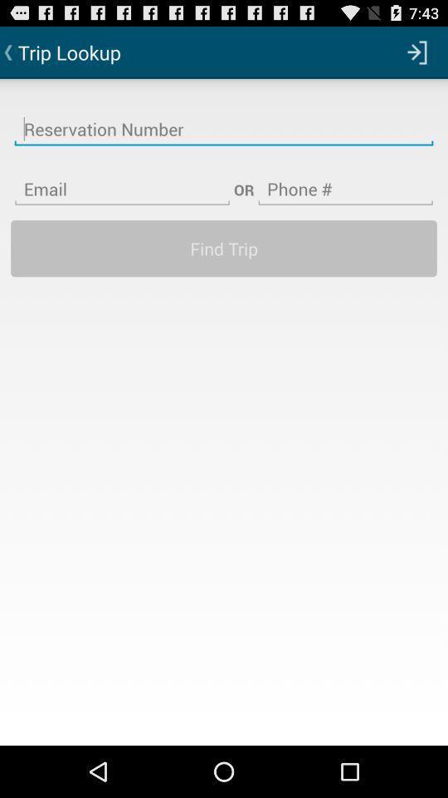 This screenshot has width=448, height=798. Describe the element at coordinates (344, 179) in the screenshot. I see `phone number` at that location.